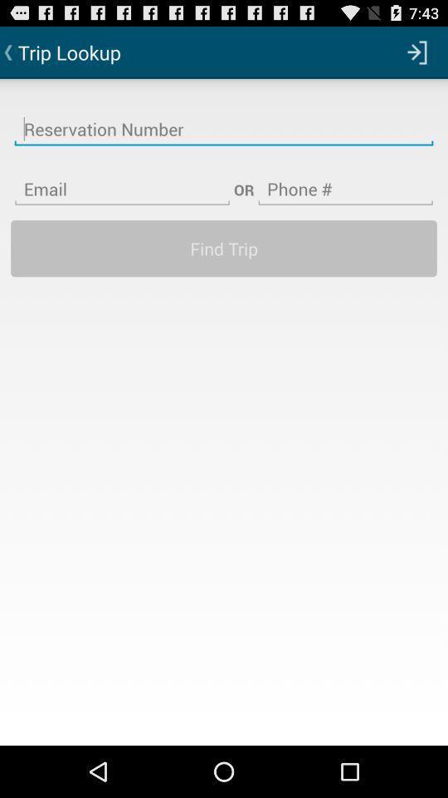 This screenshot has width=448, height=798. Describe the element at coordinates (344, 179) in the screenshot. I see `phone number` at that location.